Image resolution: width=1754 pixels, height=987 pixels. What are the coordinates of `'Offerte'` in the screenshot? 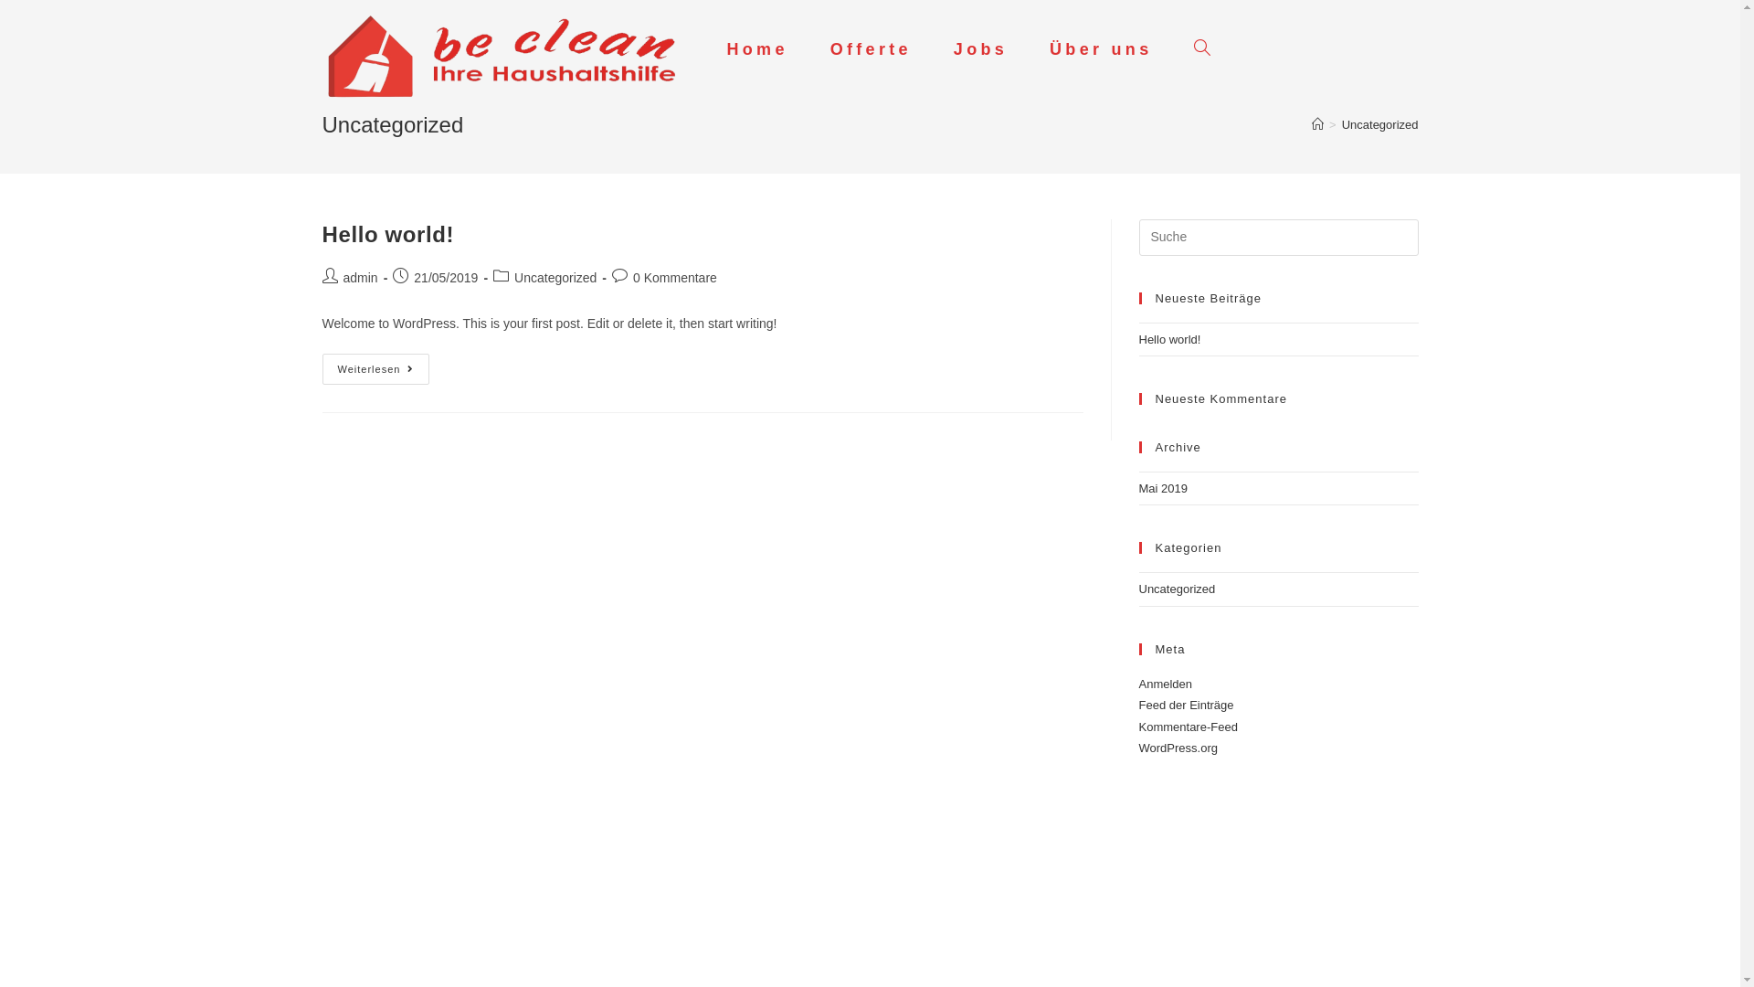 It's located at (870, 48).